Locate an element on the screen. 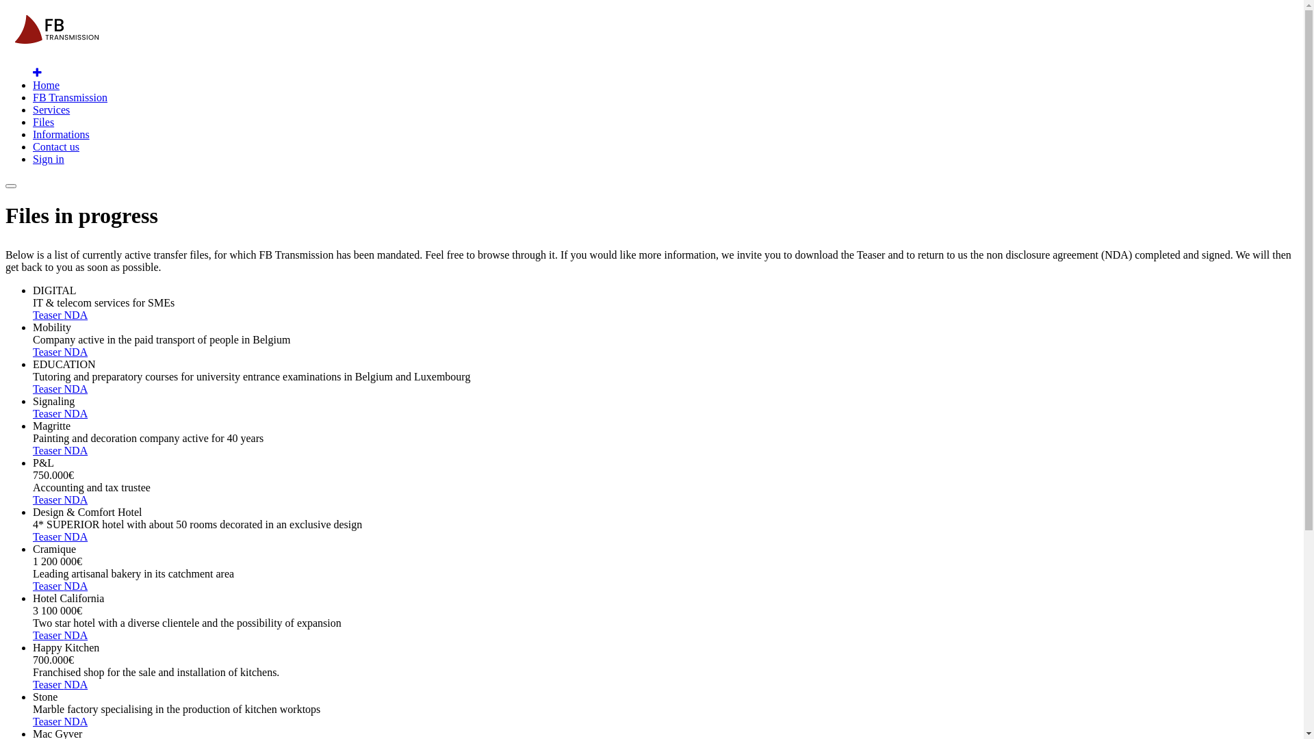 The height and width of the screenshot is (739, 1314). 'NDA' is located at coordinates (64, 536).